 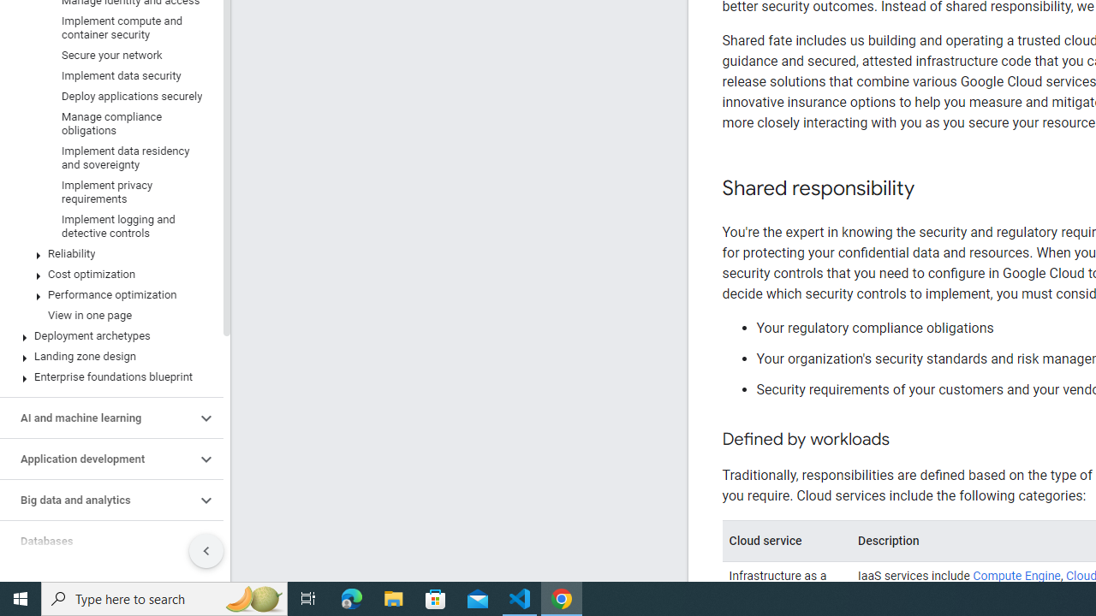 I want to click on 'Landing zone design', so click(x=107, y=355).